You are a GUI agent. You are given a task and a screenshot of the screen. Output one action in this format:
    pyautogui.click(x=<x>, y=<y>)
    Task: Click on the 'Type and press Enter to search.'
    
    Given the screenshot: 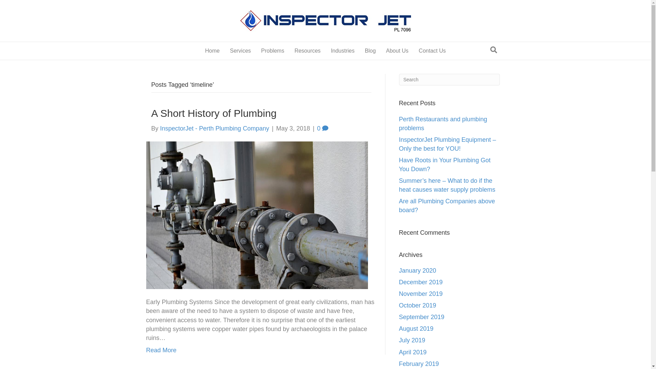 What is the action you would take?
    pyautogui.click(x=449, y=79)
    